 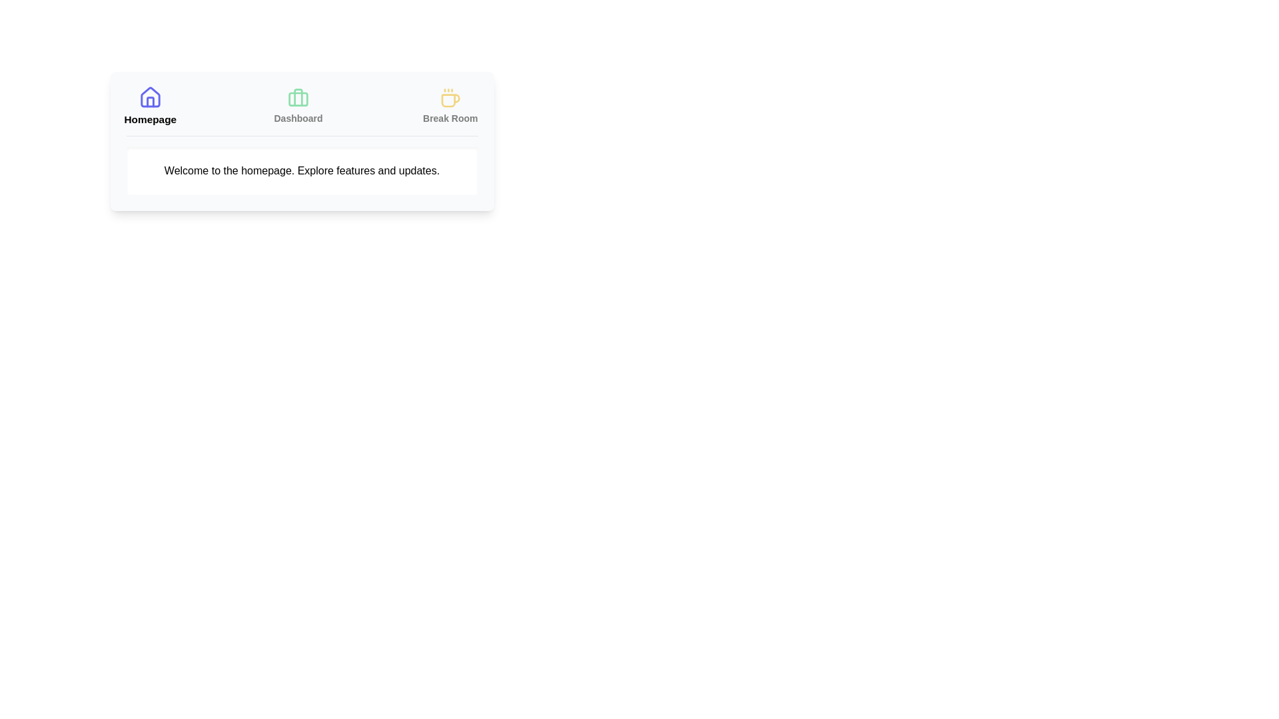 I want to click on the Homepage tab to view its content, so click(x=150, y=105).